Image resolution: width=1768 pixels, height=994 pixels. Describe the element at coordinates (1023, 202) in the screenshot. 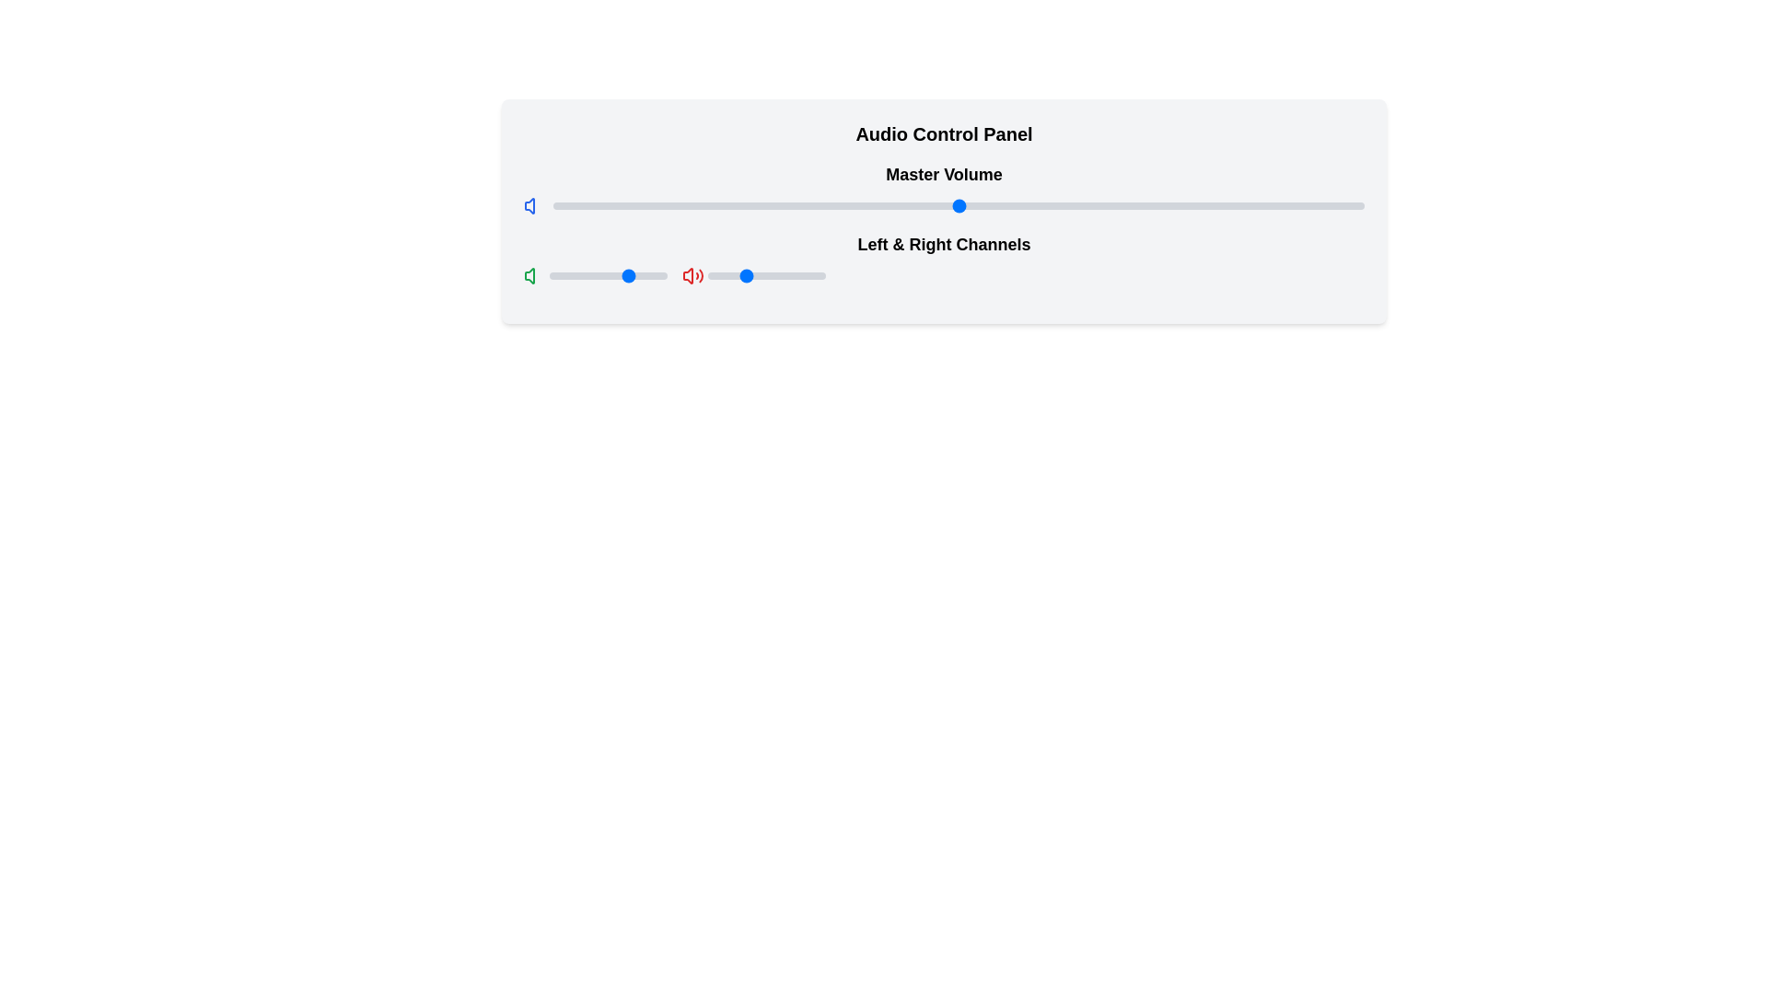

I see `the volume slider` at that location.